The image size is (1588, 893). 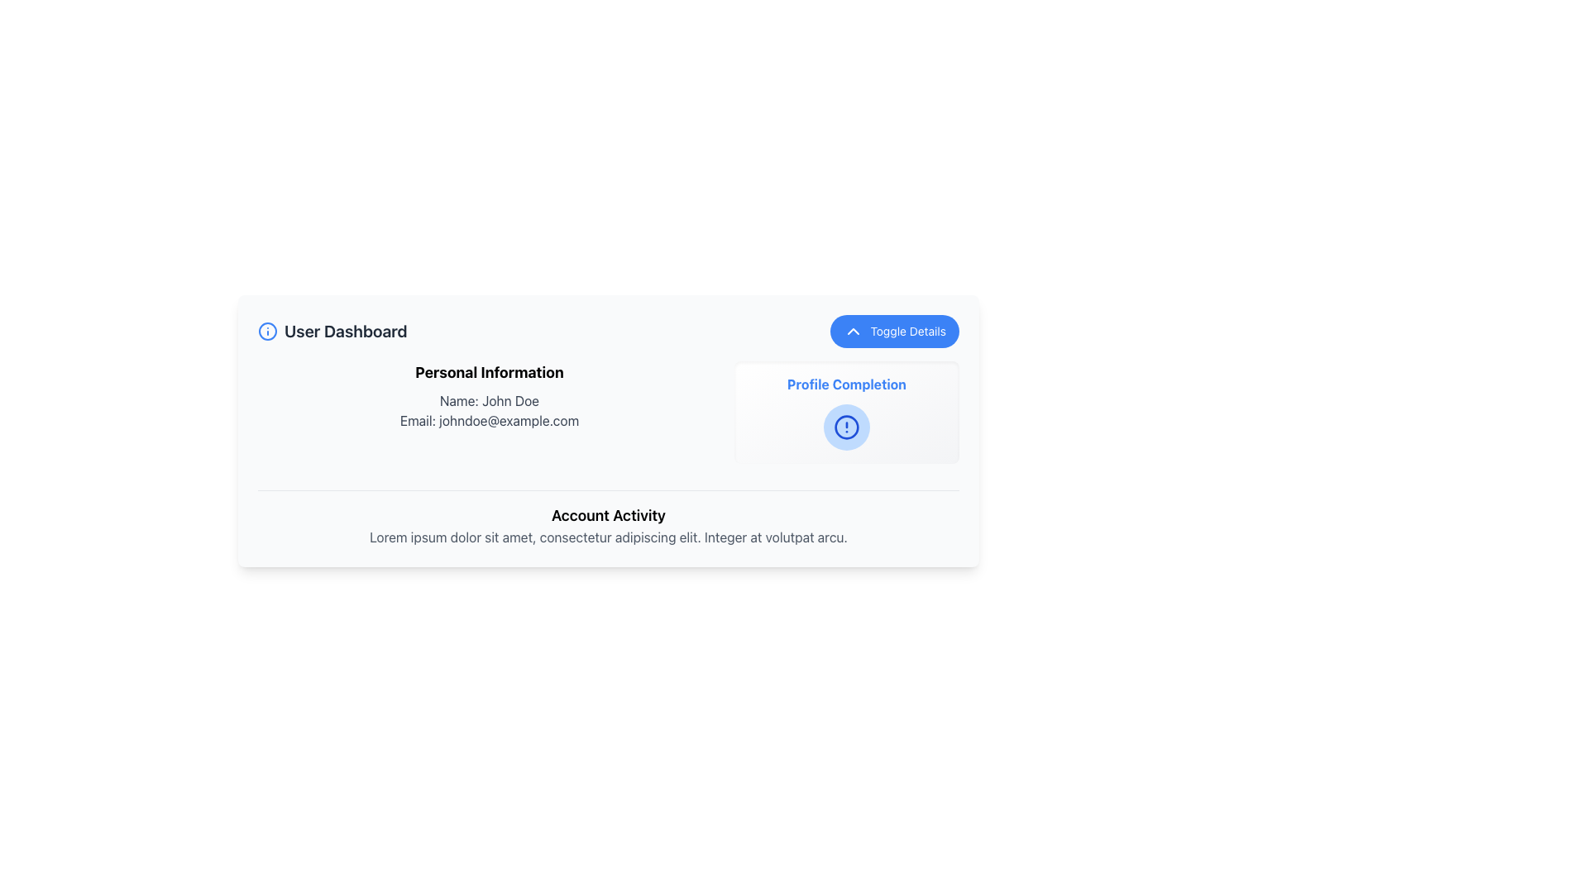 What do you see at coordinates (854, 332) in the screenshot?
I see `the upward-pointing chevron icon within the blue 'Toggle Details' button located in the top-right region of the user card` at bounding box center [854, 332].